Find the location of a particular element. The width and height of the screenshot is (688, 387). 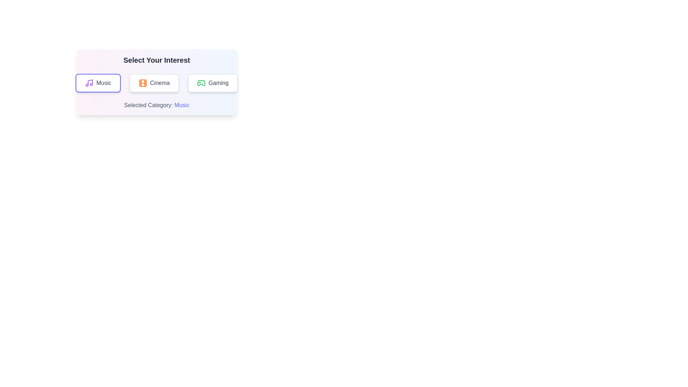

the 'Gaming' button to select the Gaming category is located at coordinates (212, 82).